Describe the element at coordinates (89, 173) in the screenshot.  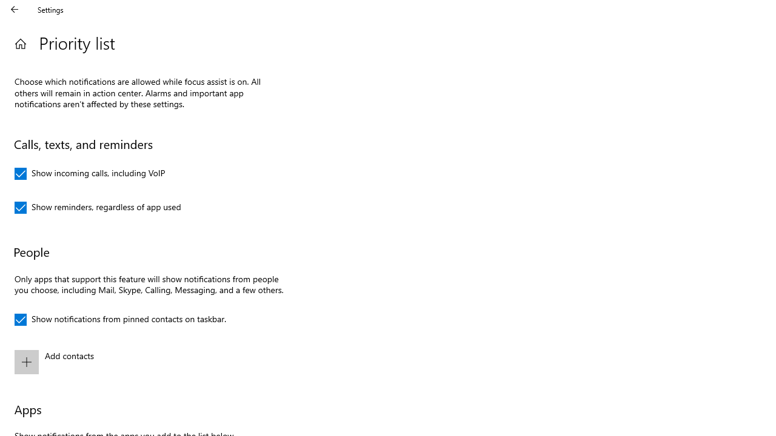
I see `'Show incoming calls, including VoIP'` at that location.